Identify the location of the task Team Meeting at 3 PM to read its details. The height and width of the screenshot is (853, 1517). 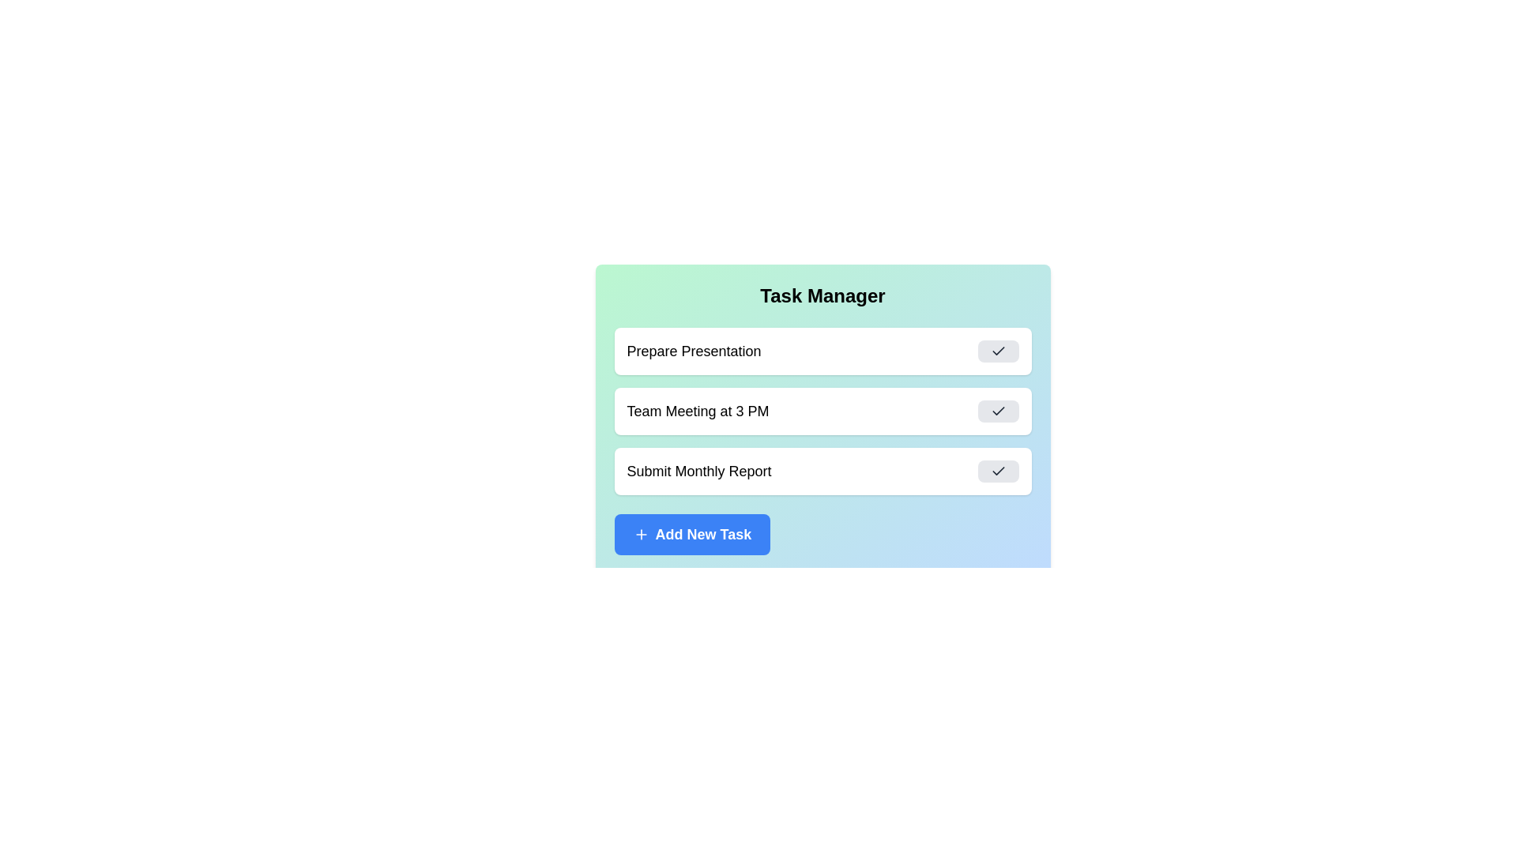
(822, 410).